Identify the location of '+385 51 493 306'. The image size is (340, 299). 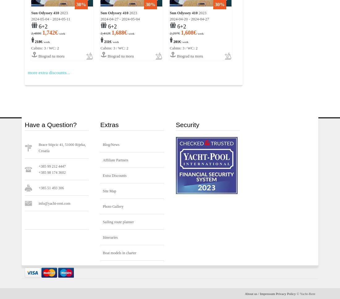
(38, 188).